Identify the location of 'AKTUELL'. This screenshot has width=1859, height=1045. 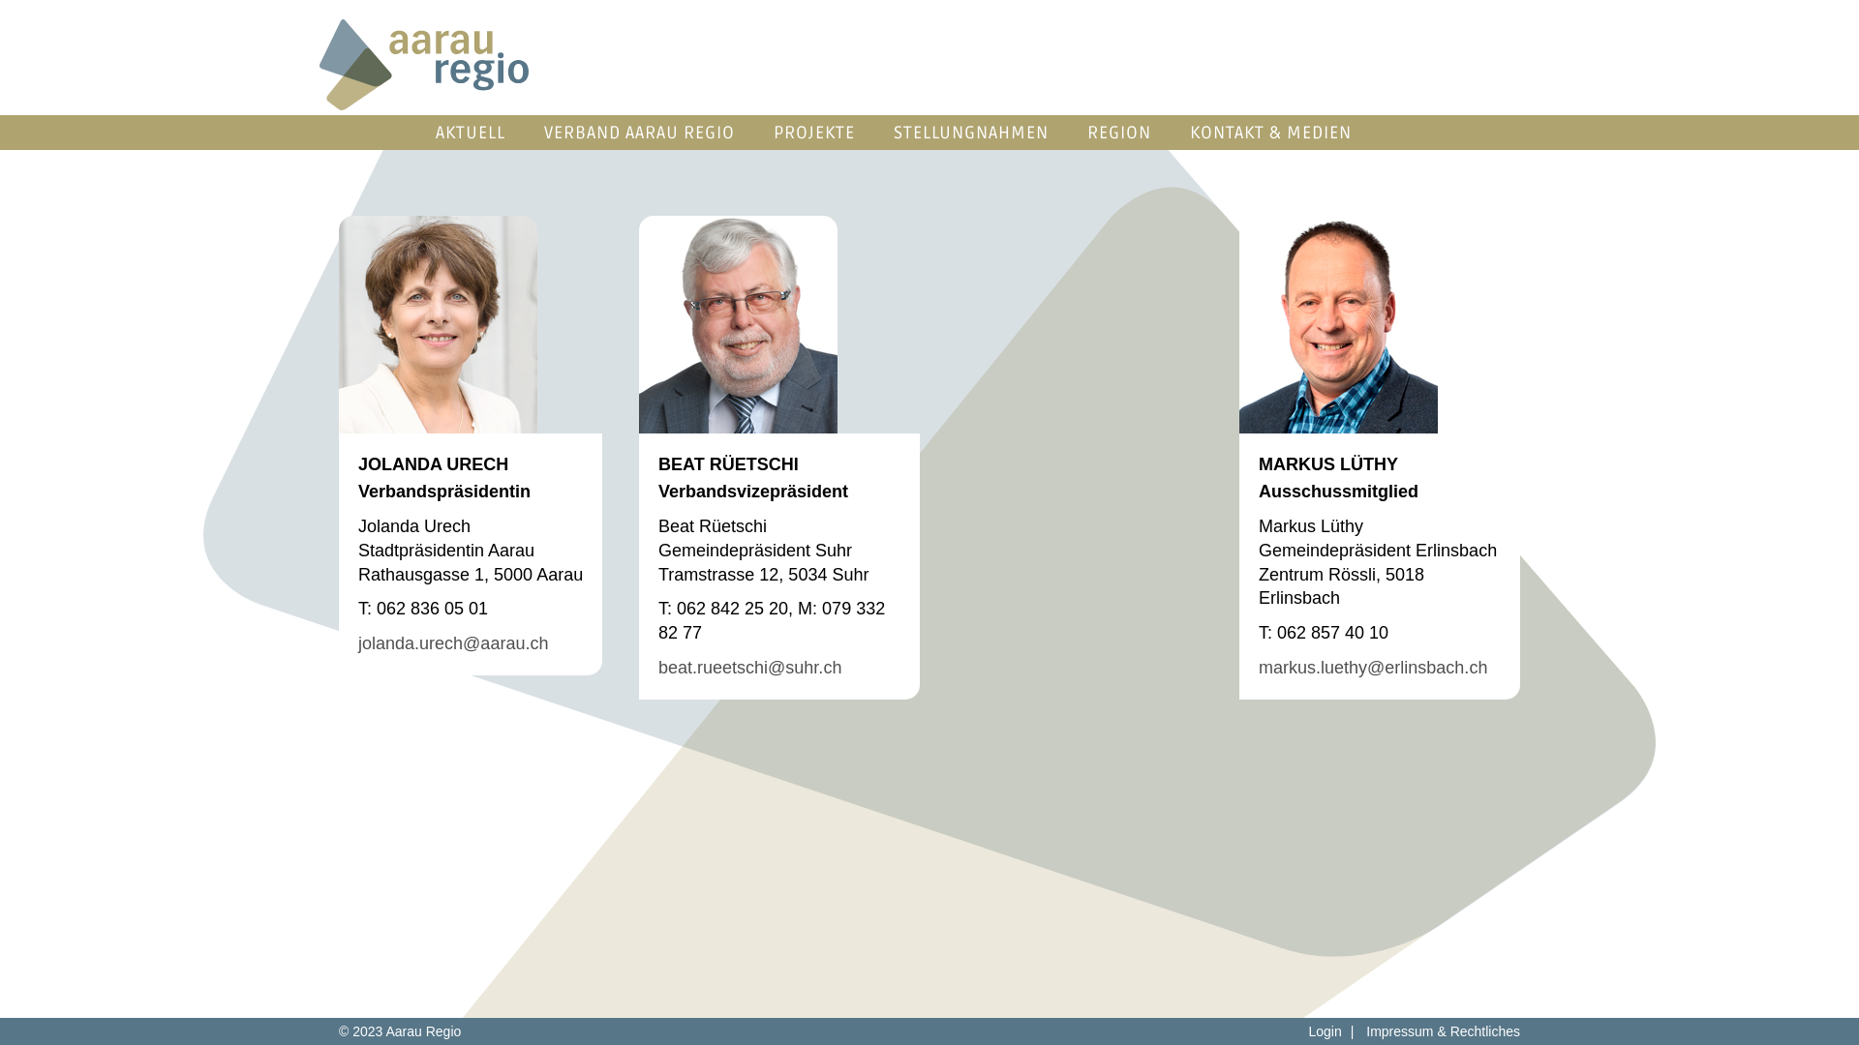
(415, 132).